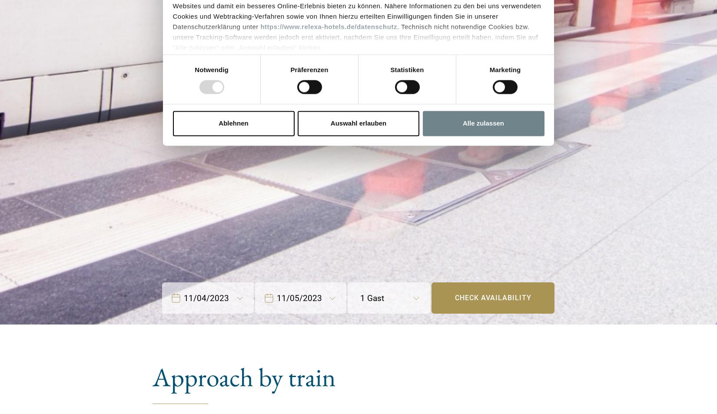 The width and height of the screenshot is (717, 414). Describe the element at coordinates (211, 69) in the screenshot. I see `'Notwendig'` at that location.